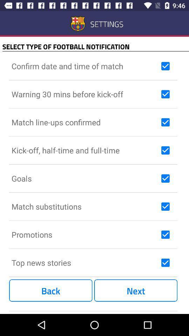 Image resolution: width=189 pixels, height=336 pixels. I want to click on type of football notification, so click(165, 150).